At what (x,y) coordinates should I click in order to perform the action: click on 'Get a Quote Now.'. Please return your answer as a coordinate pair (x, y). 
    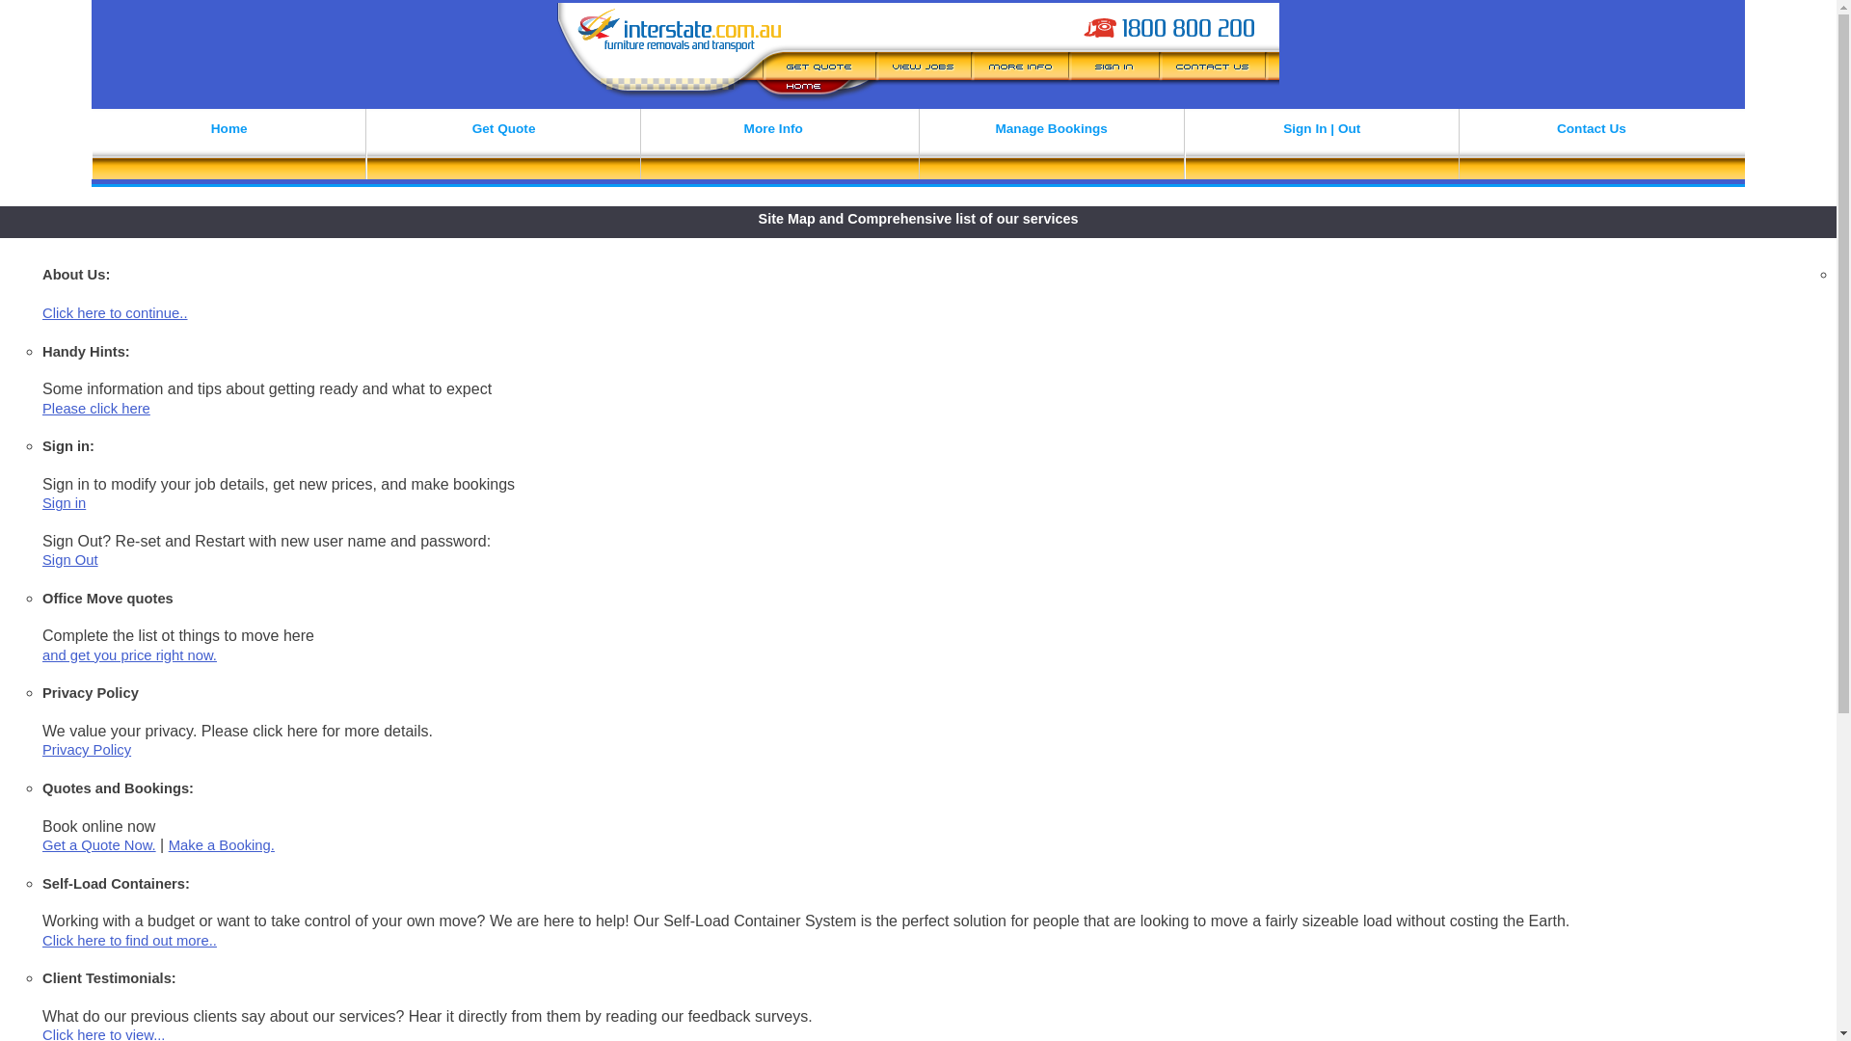
    Looking at the image, I should click on (97, 843).